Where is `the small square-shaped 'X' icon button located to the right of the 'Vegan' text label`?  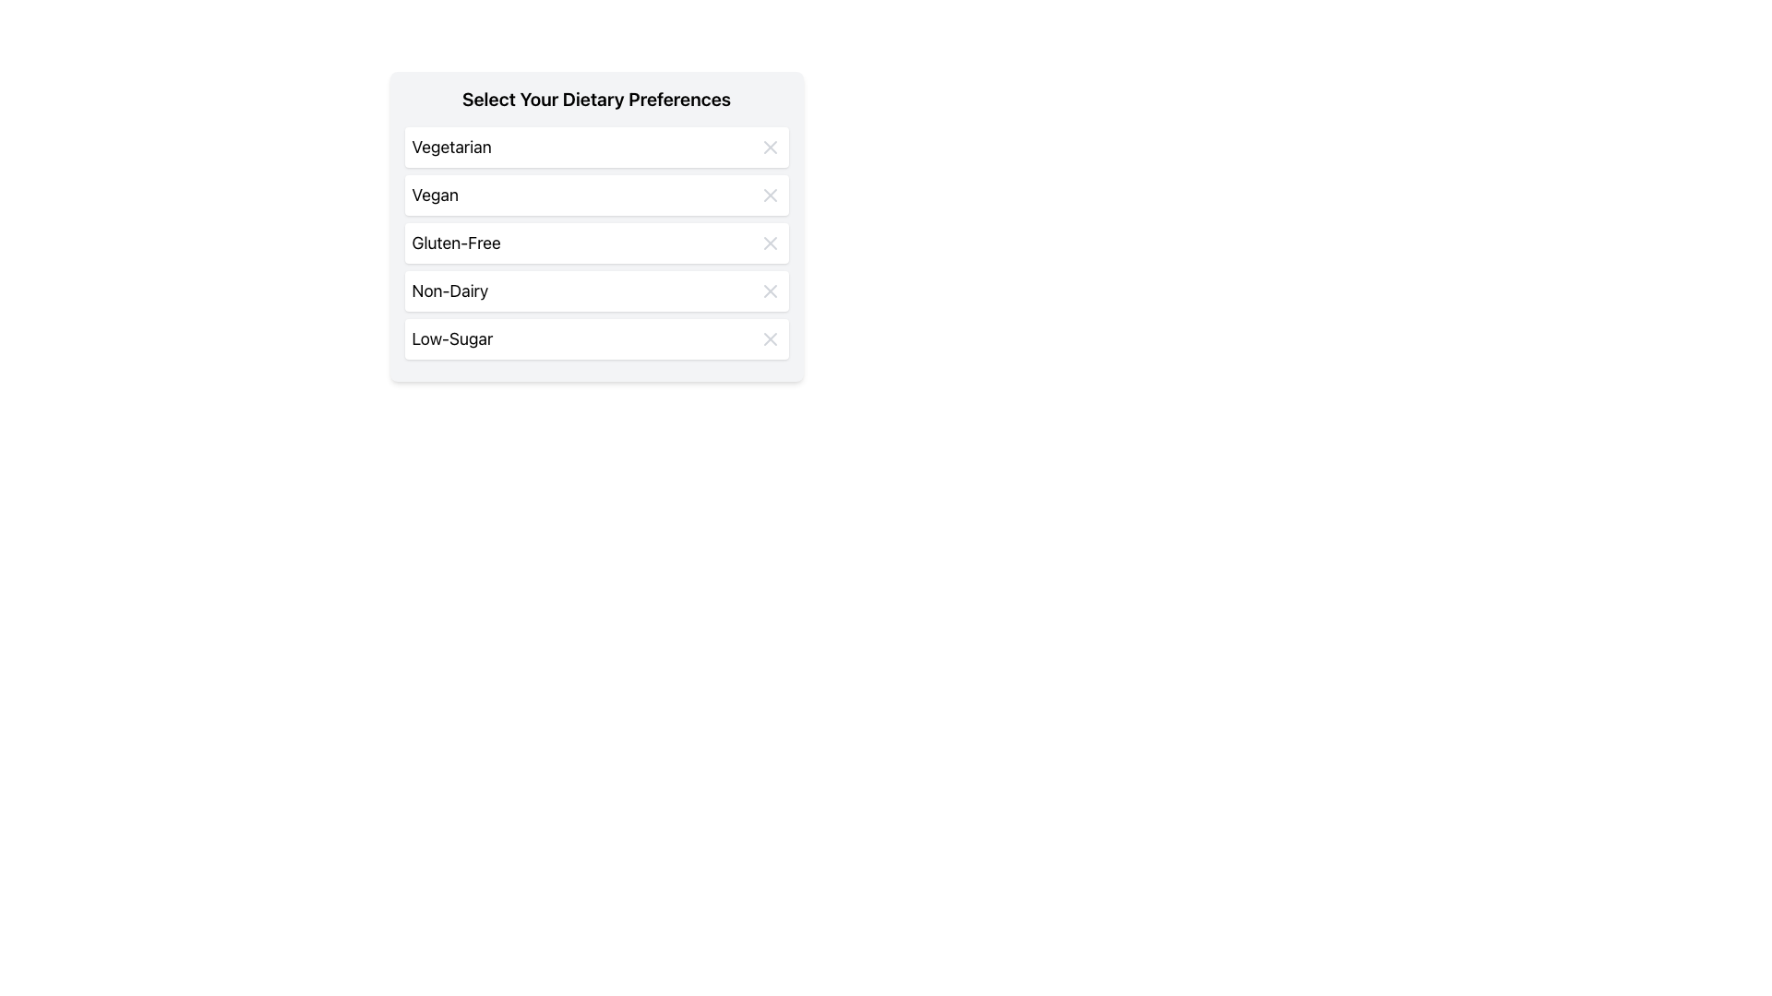
the small square-shaped 'X' icon button located to the right of the 'Vegan' text label is located at coordinates (770, 196).